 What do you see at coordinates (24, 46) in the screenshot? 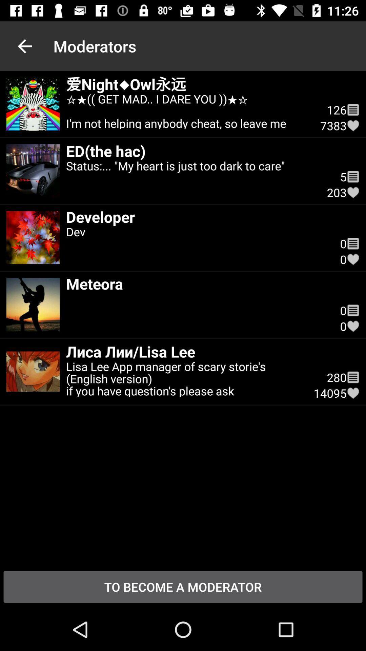
I see `app to the left of the moderators` at bounding box center [24, 46].